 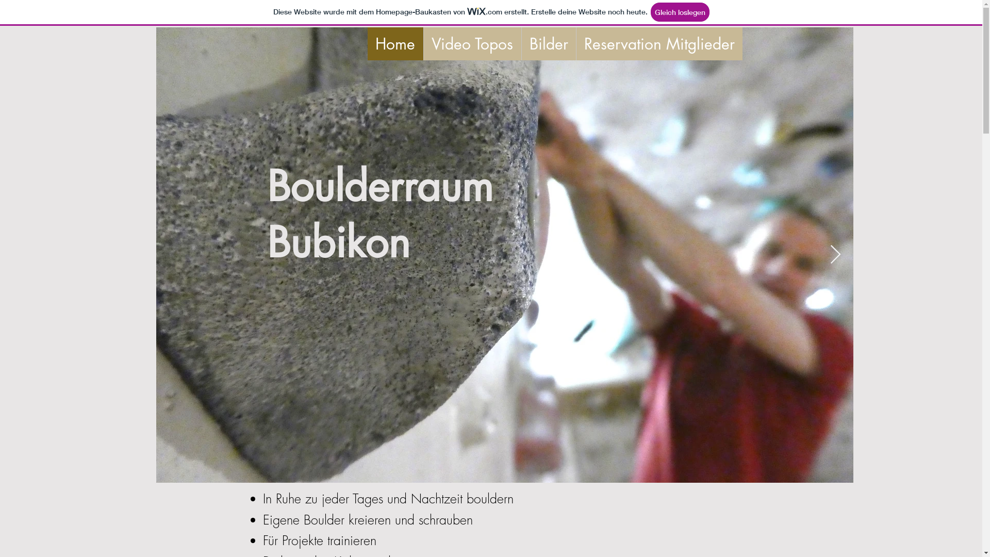 I want to click on 'Home', so click(x=394, y=43).